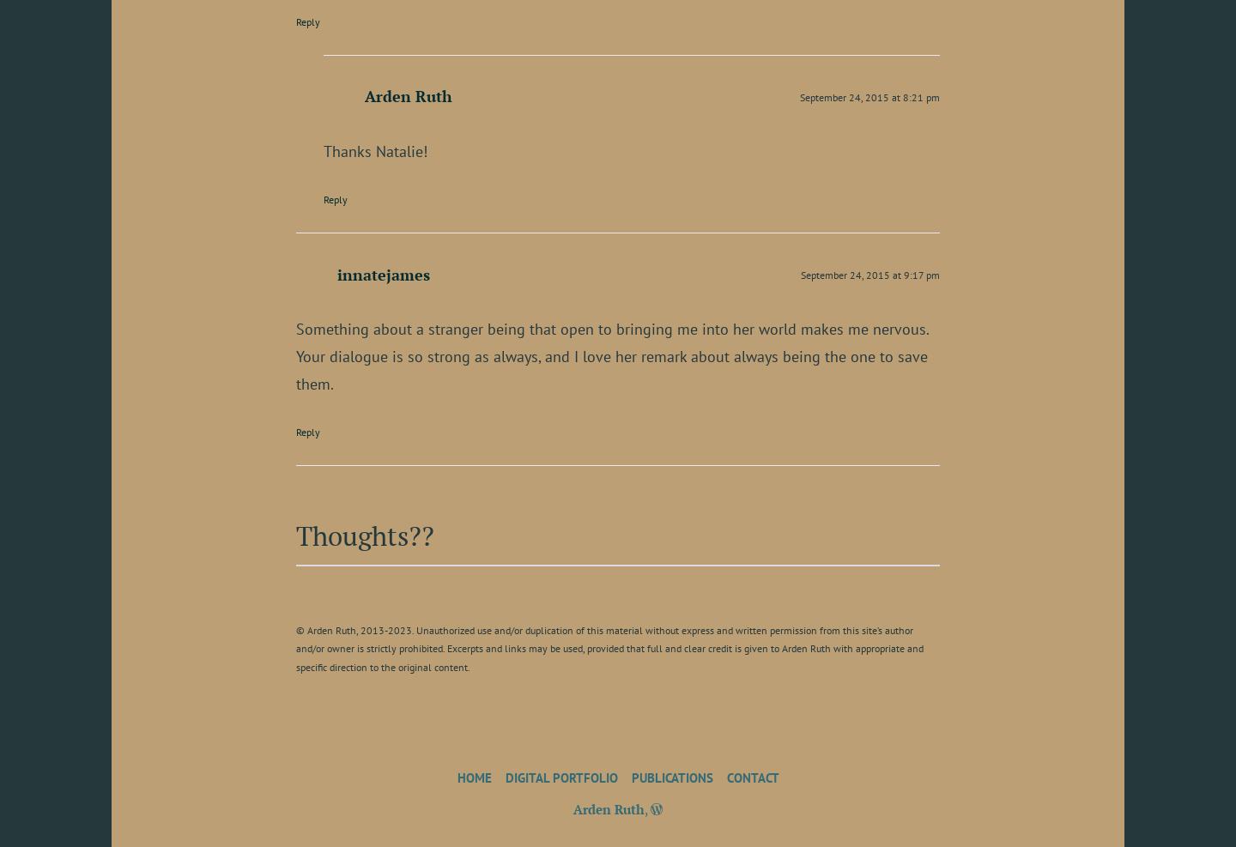 The height and width of the screenshot is (847, 1236). Describe the element at coordinates (643, 808) in the screenshot. I see `','` at that location.